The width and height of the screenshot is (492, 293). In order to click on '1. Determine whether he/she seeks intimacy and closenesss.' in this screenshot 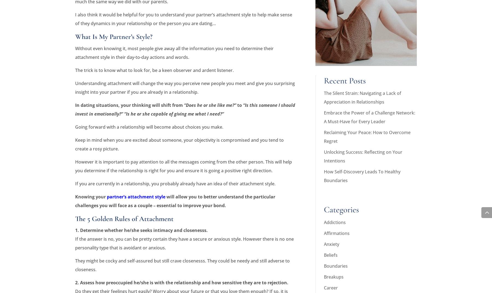, I will do `click(141, 230)`.